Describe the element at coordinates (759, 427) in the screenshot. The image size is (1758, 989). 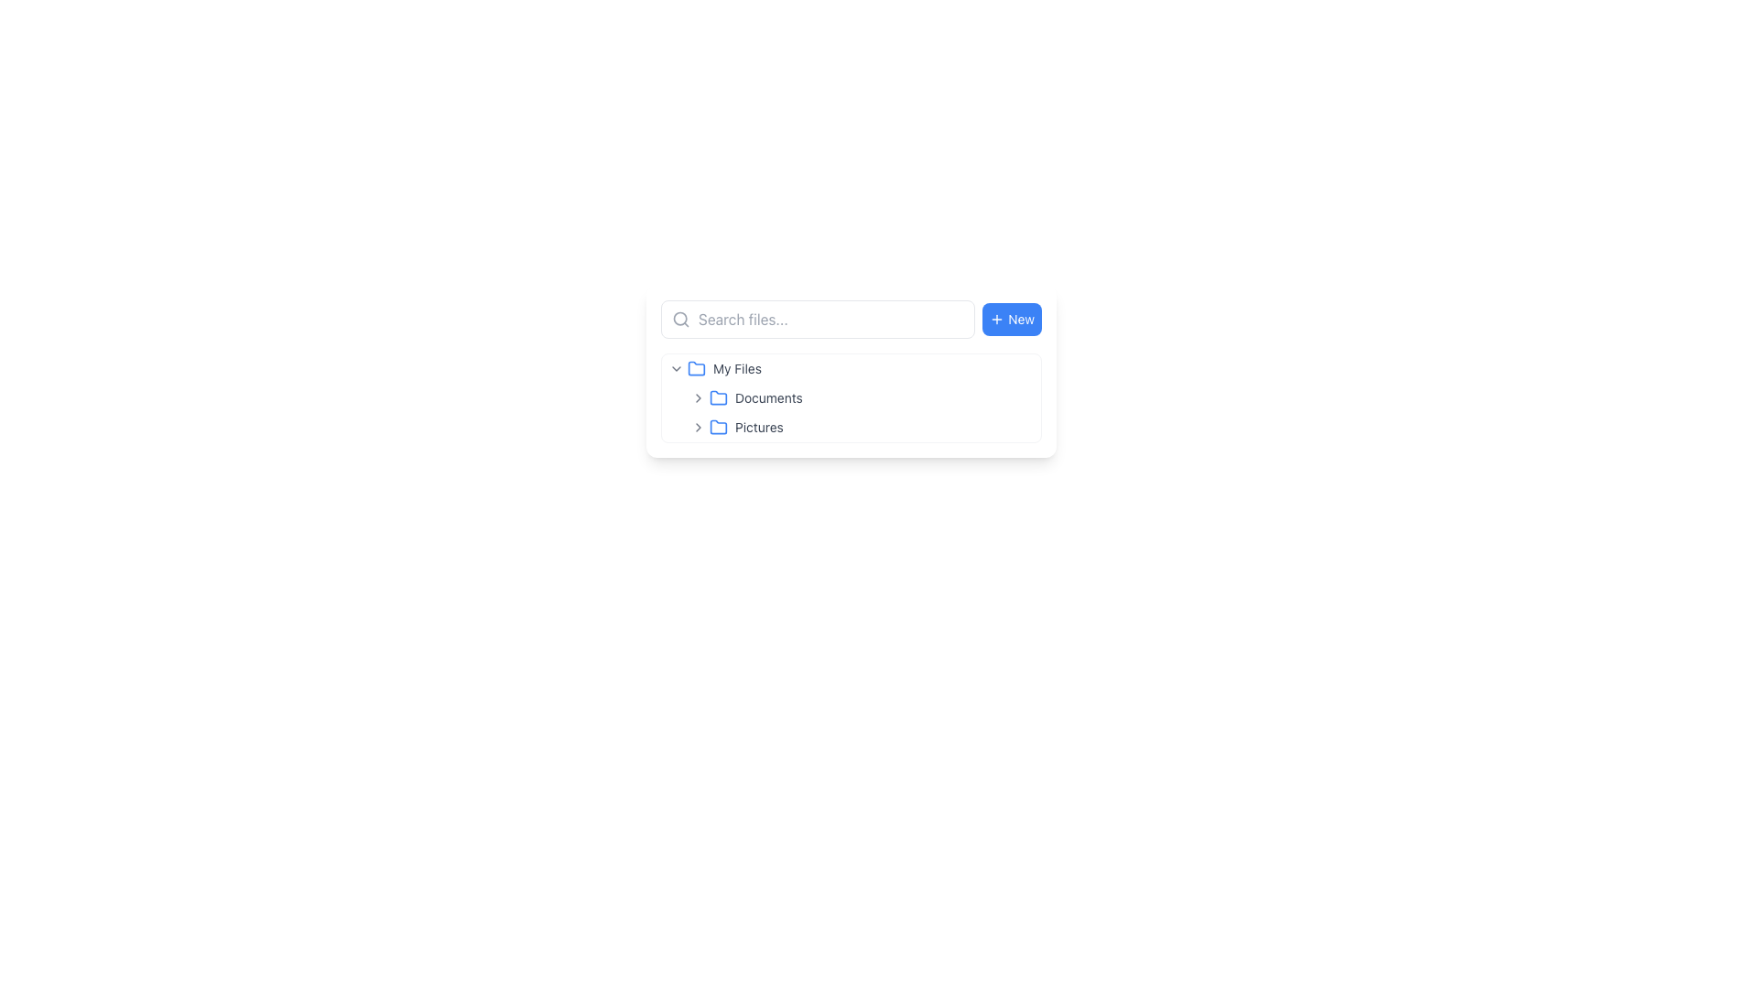
I see `the text label reading 'Pictures' that is styled with a small font size and gray color, located next to a blue folder icon in the 'My Files' section` at that location.